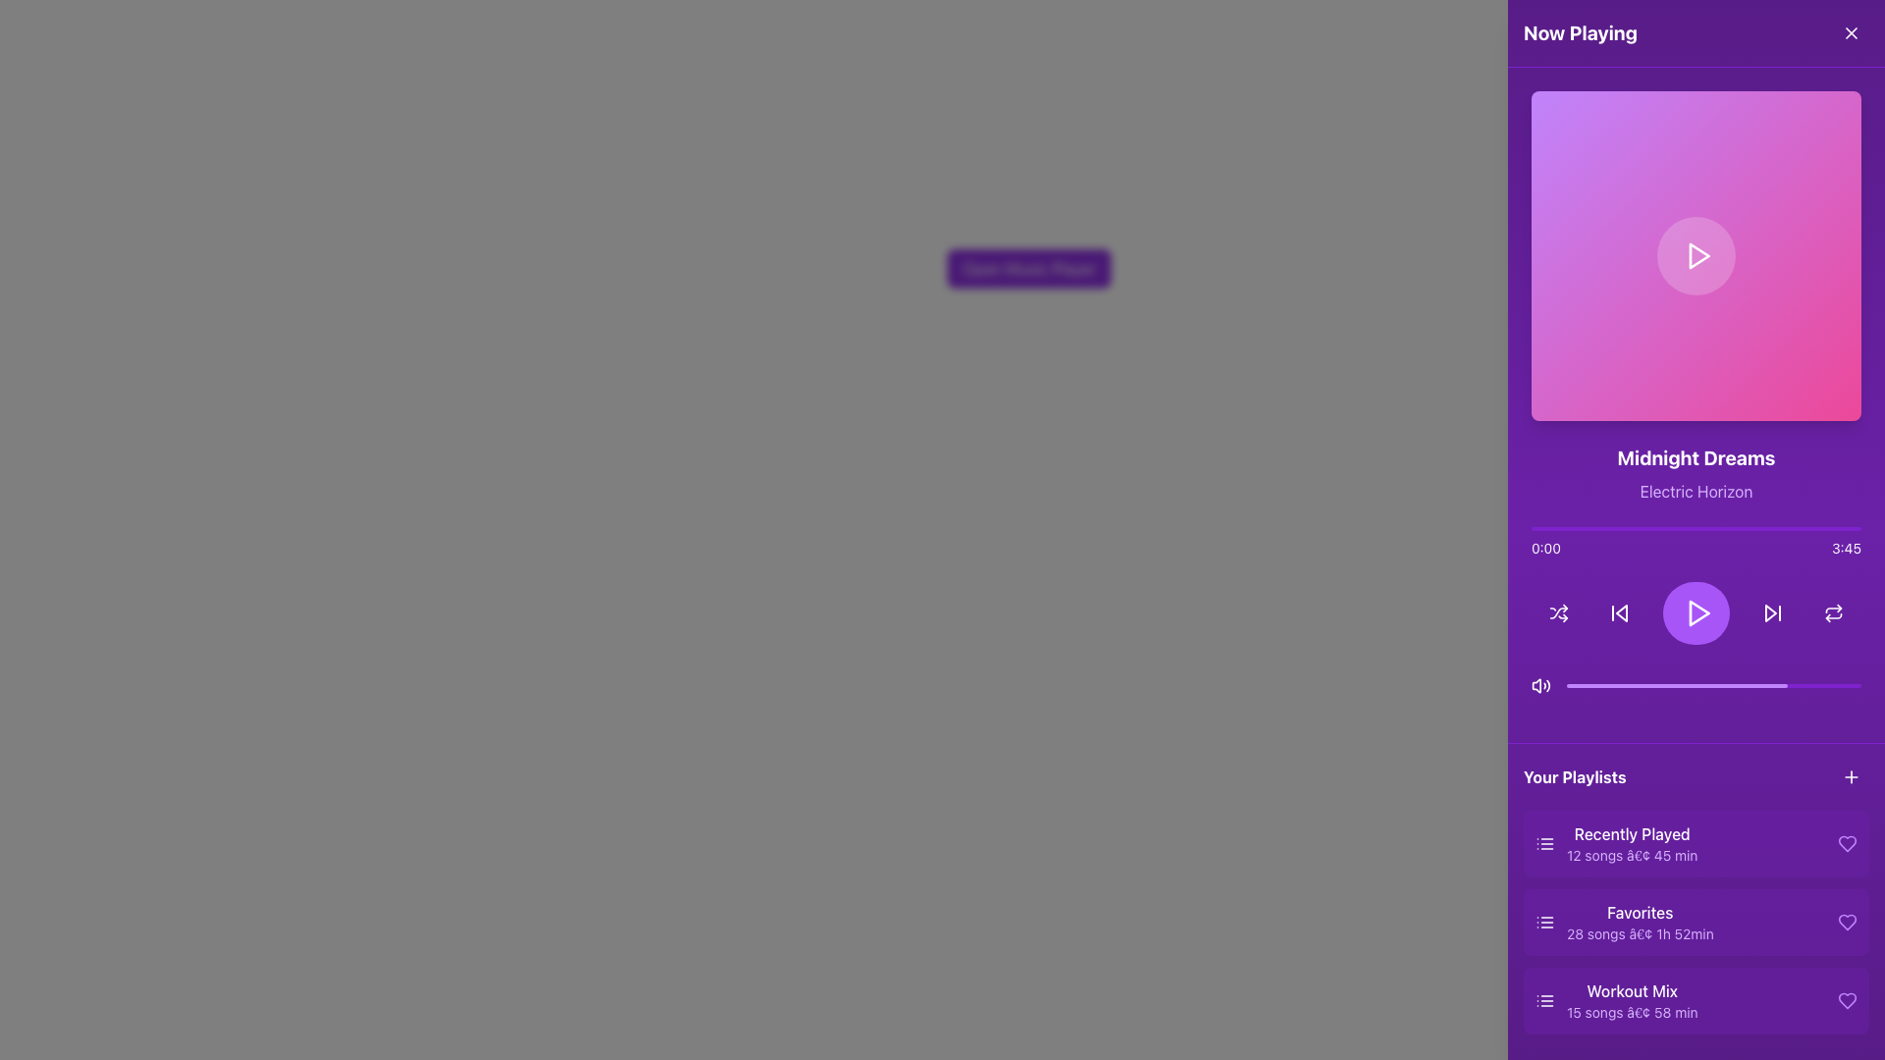 This screenshot has width=1885, height=1060. What do you see at coordinates (1771, 611) in the screenshot?
I see `the forward button, which is a right-pointing triangle icon located in the bottom center-right section of the media player interface, to skip to the next track` at bounding box center [1771, 611].